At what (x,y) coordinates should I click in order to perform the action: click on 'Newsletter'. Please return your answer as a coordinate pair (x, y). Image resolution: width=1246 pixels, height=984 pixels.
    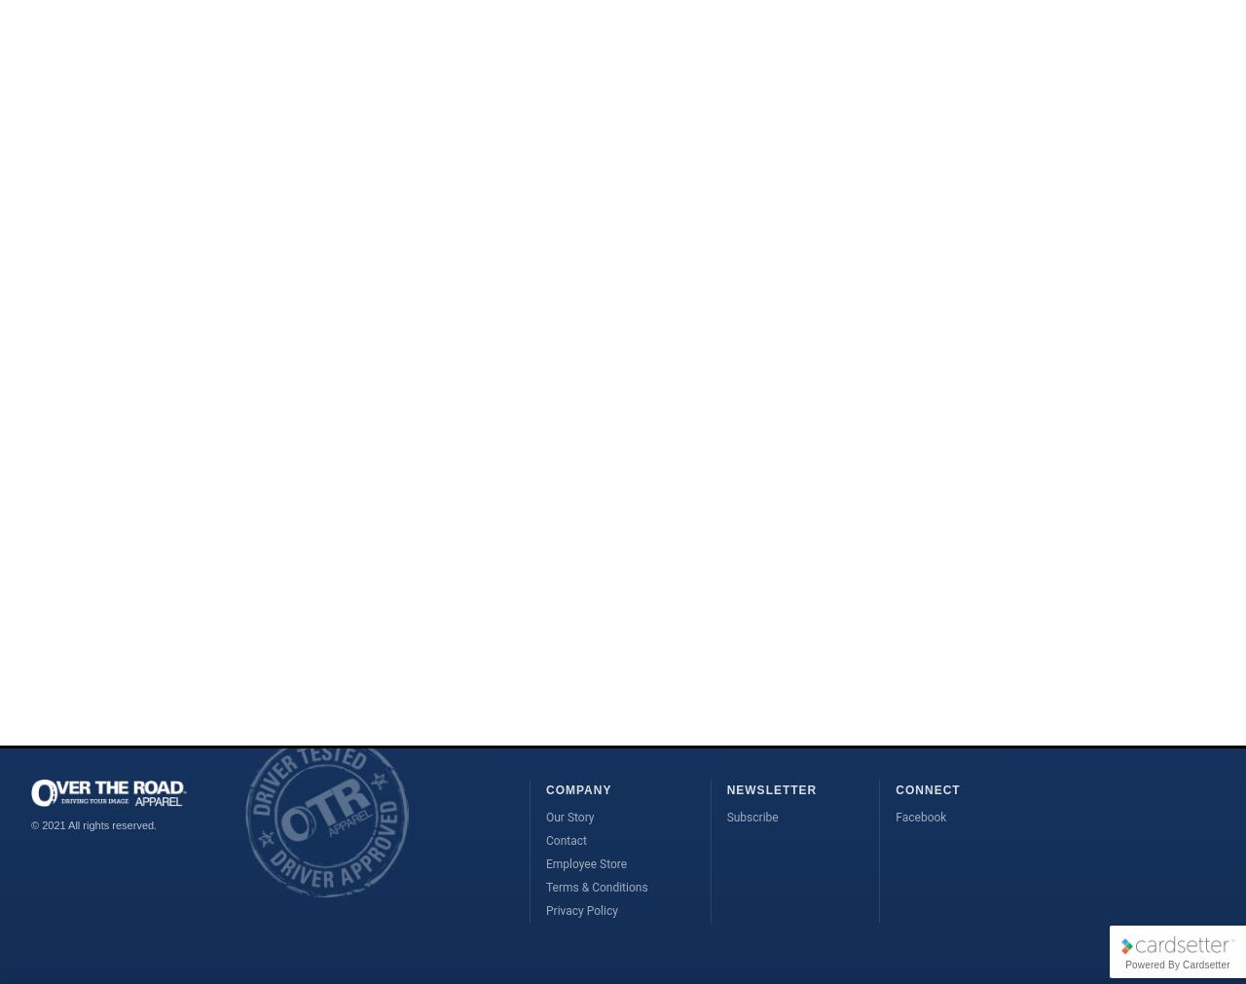
    Looking at the image, I should click on (770, 789).